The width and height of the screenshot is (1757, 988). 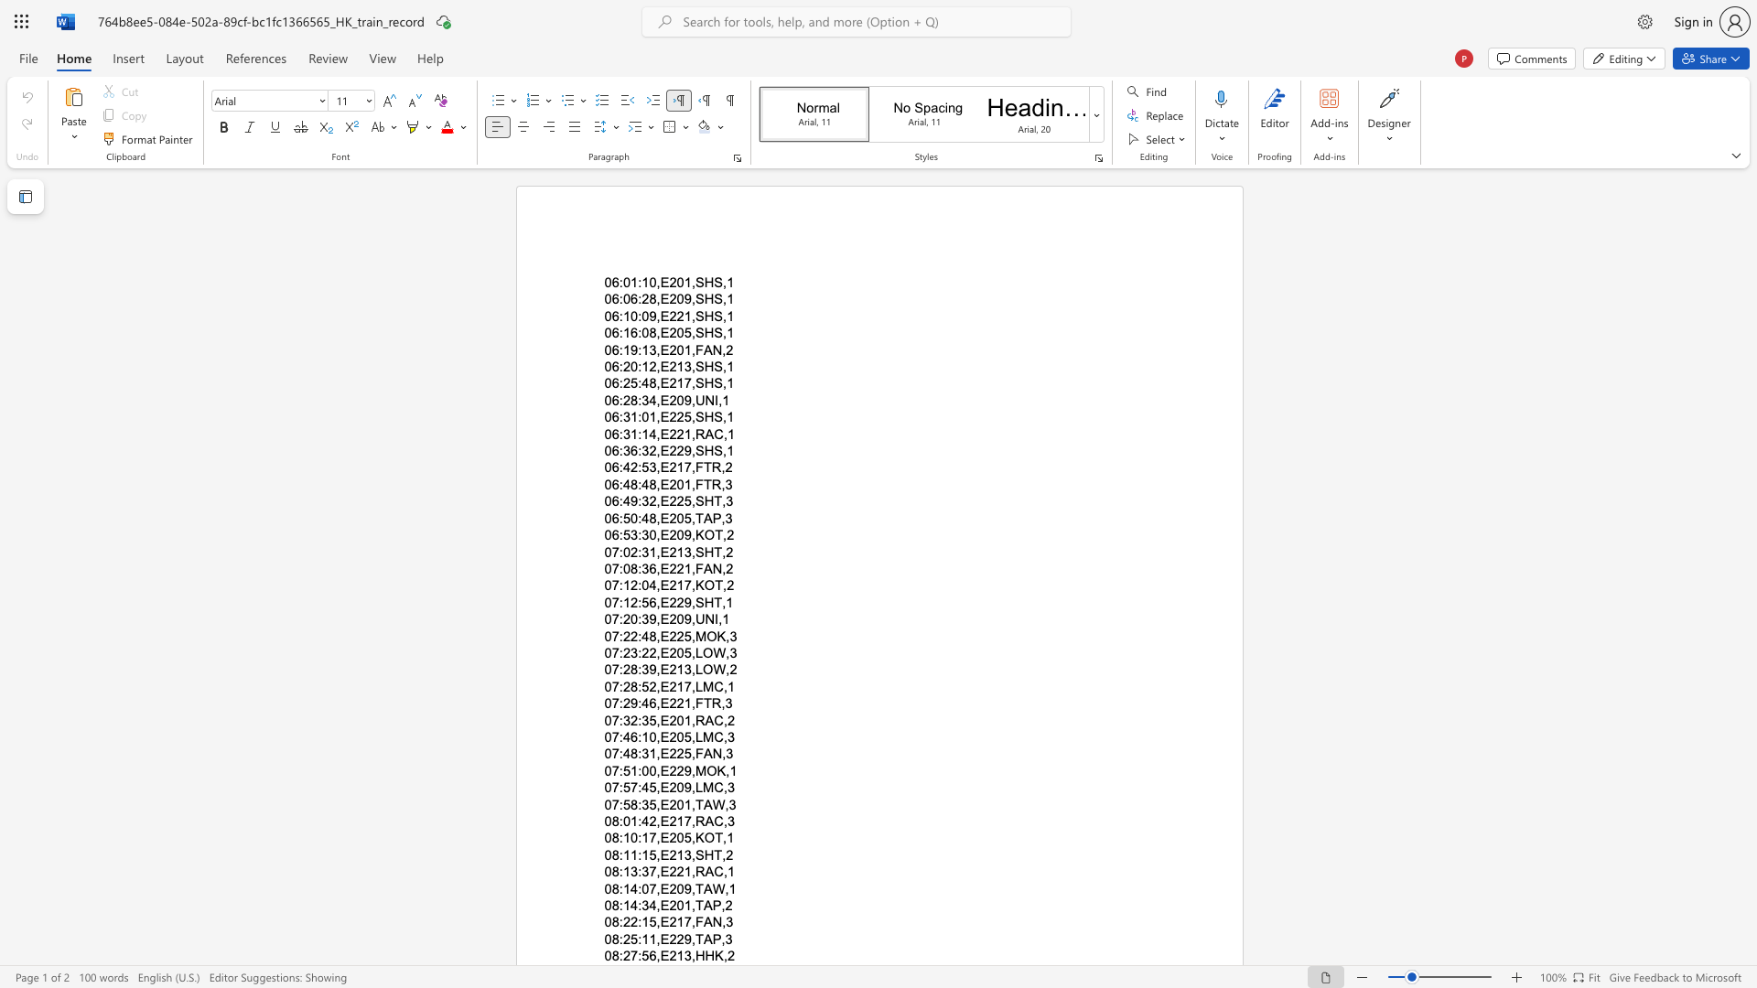 What do you see at coordinates (619, 838) in the screenshot?
I see `the subset text ":10" within the text "08:10:17,E205,KOT,1"` at bounding box center [619, 838].